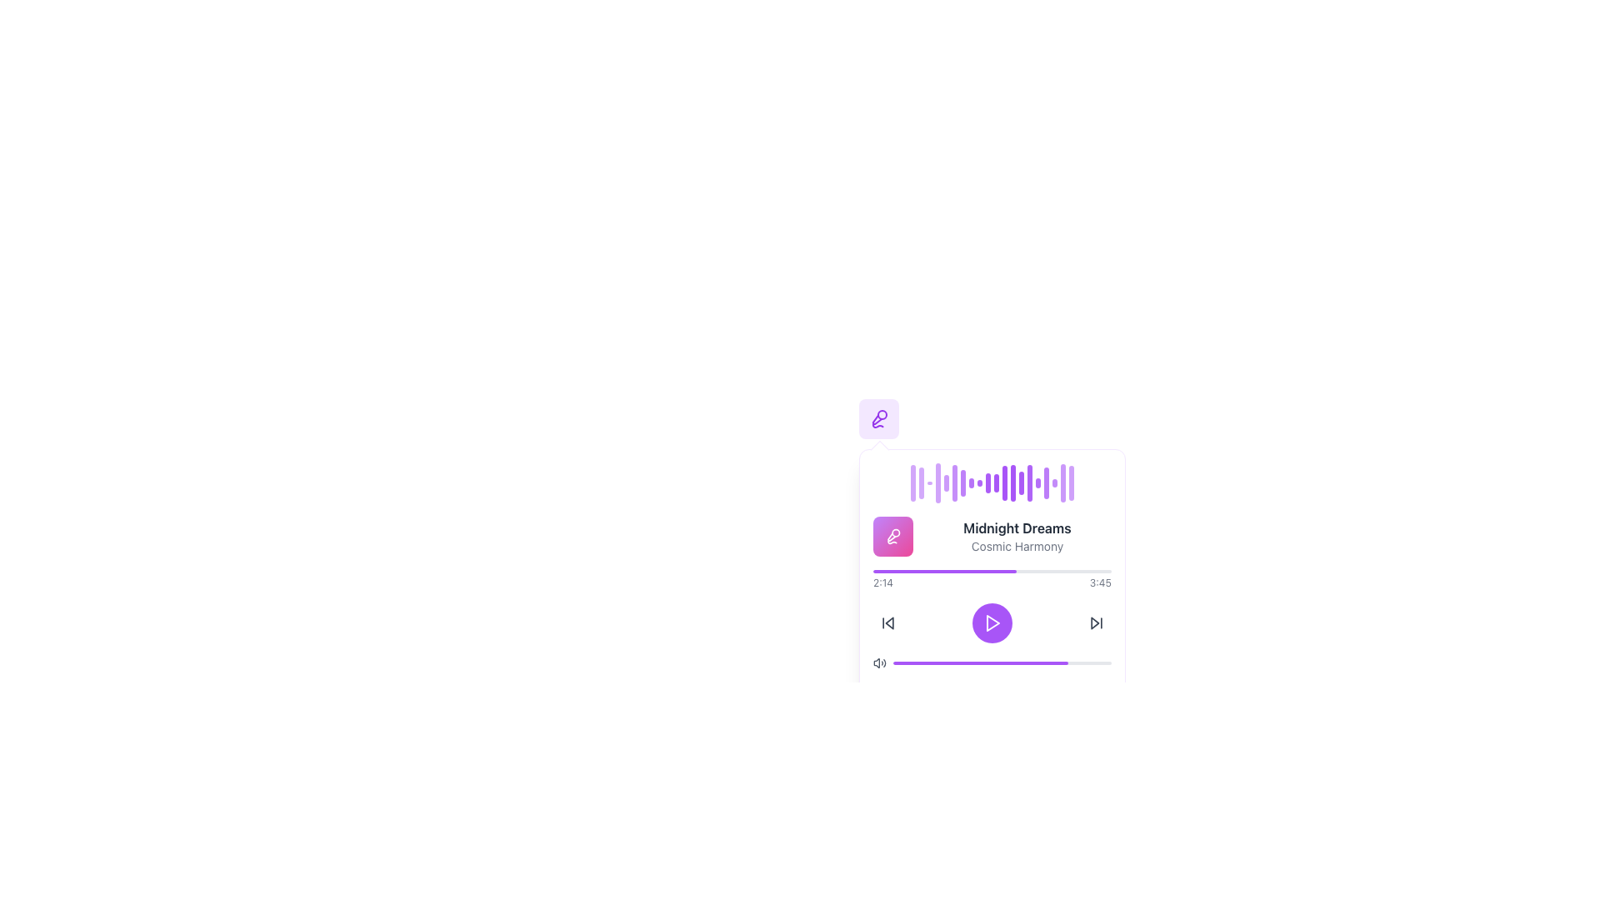 This screenshot has height=900, width=1600. Describe the element at coordinates (1029, 482) in the screenshot. I see `the fifteenth bar of the audio waveform display, which visually indicates amplitude variations of sound along the timeline` at that location.